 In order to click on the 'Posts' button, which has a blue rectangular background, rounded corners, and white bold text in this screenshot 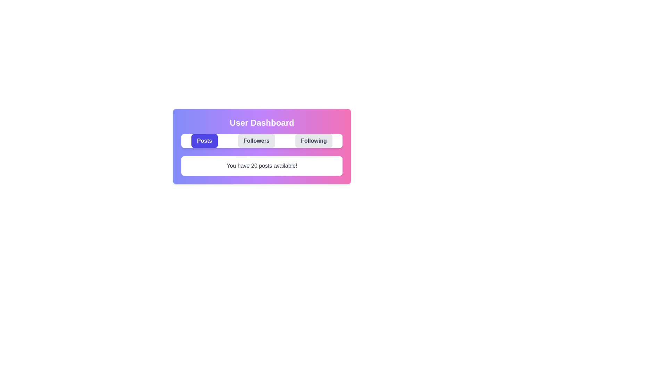, I will do `click(204, 141)`.